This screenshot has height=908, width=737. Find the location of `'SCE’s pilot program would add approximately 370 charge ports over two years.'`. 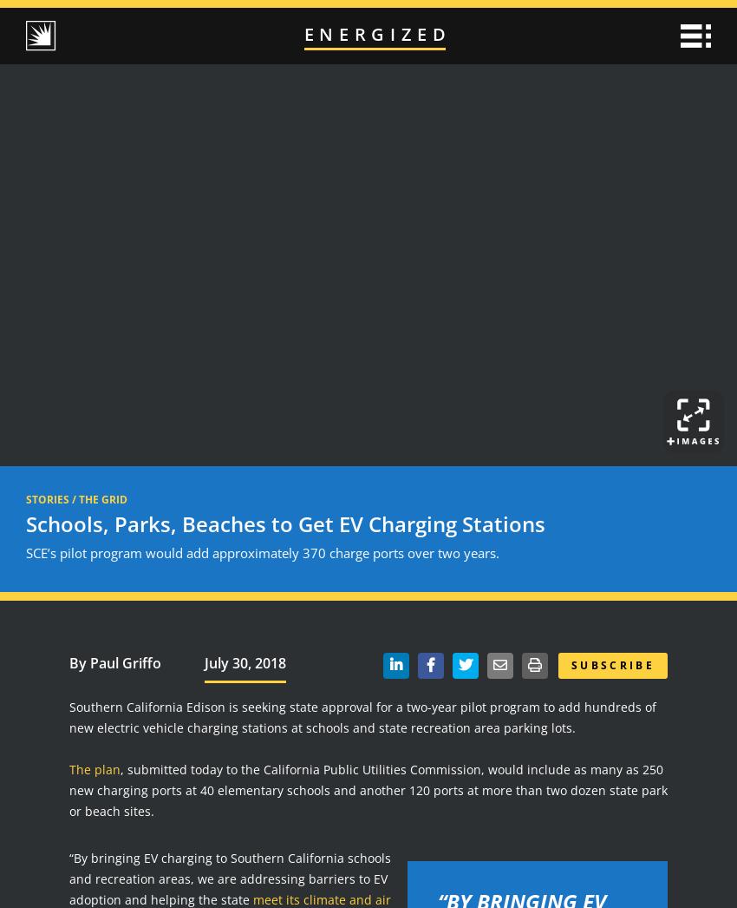

'SCE’s pilot program would add approximately 370 charge ports over two years.' is located at coordinates (263, 550).